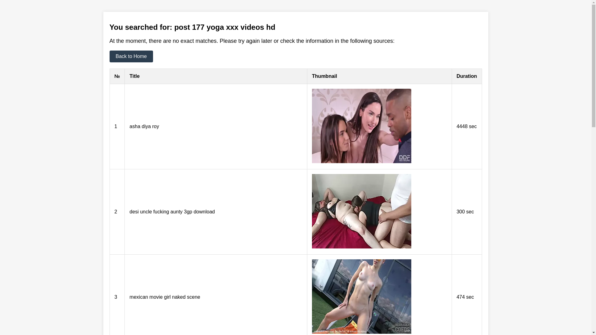  Describe the element at coordinates (131, 56) in the screenshot. I see `'Back to Home'` at that location.